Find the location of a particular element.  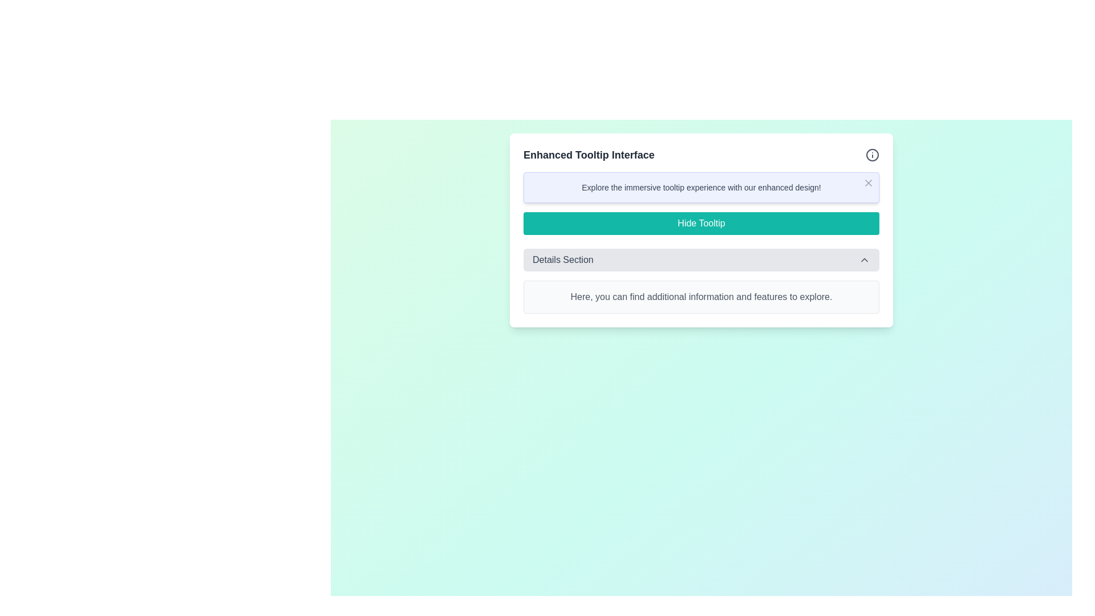

the informational tooltip with a light indigo background and indigo border, containing the message 'Explore the immersive tooltip experience with our enhanced design!' is located at coordinates (700, 187).